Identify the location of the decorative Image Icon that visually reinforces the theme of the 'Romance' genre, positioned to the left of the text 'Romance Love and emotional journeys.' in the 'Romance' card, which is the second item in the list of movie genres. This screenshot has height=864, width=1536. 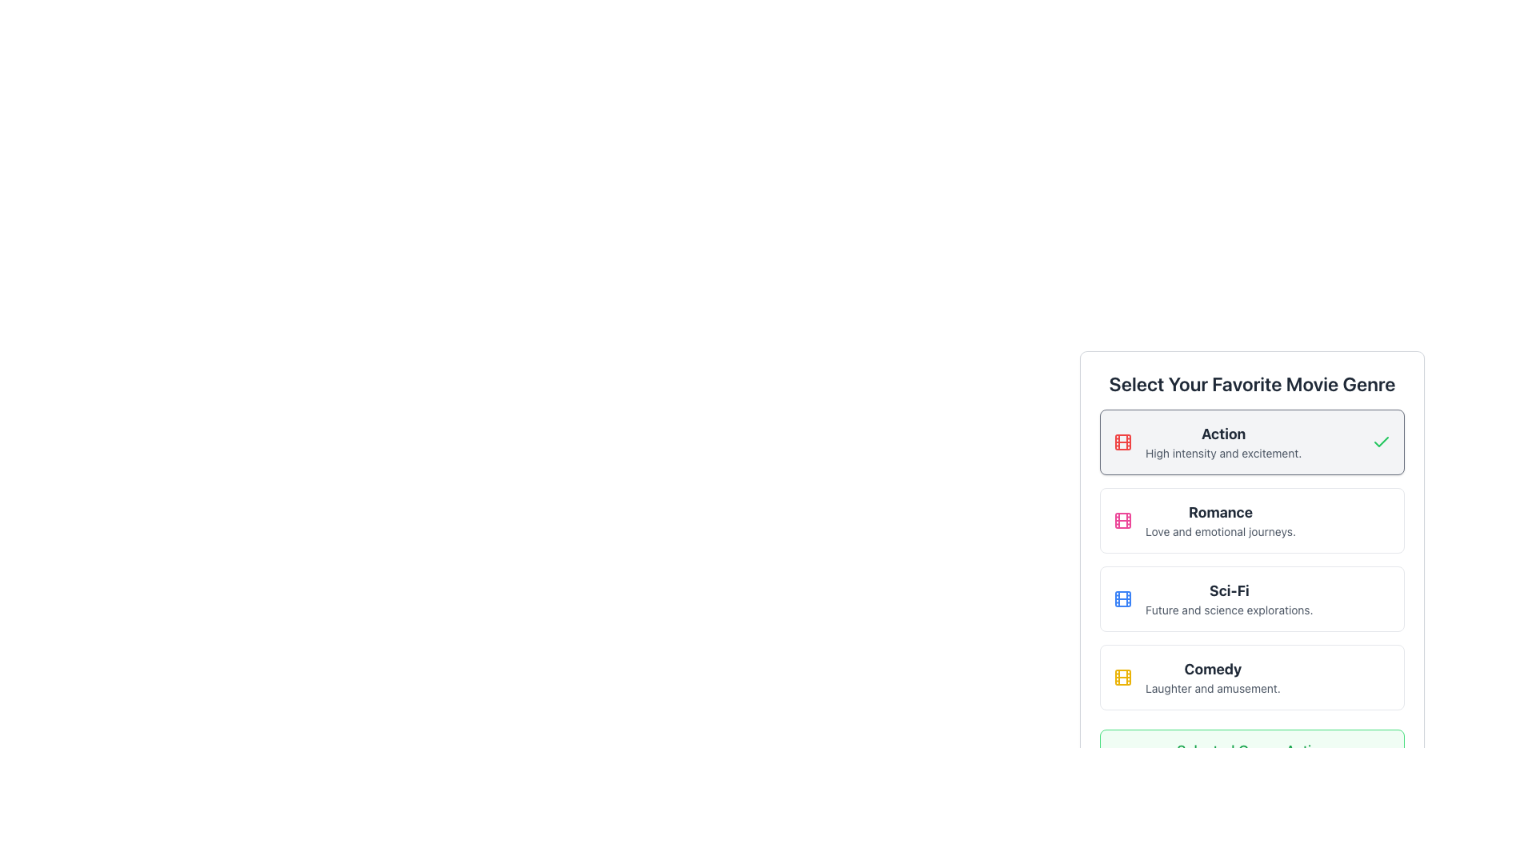
(1122, 521).